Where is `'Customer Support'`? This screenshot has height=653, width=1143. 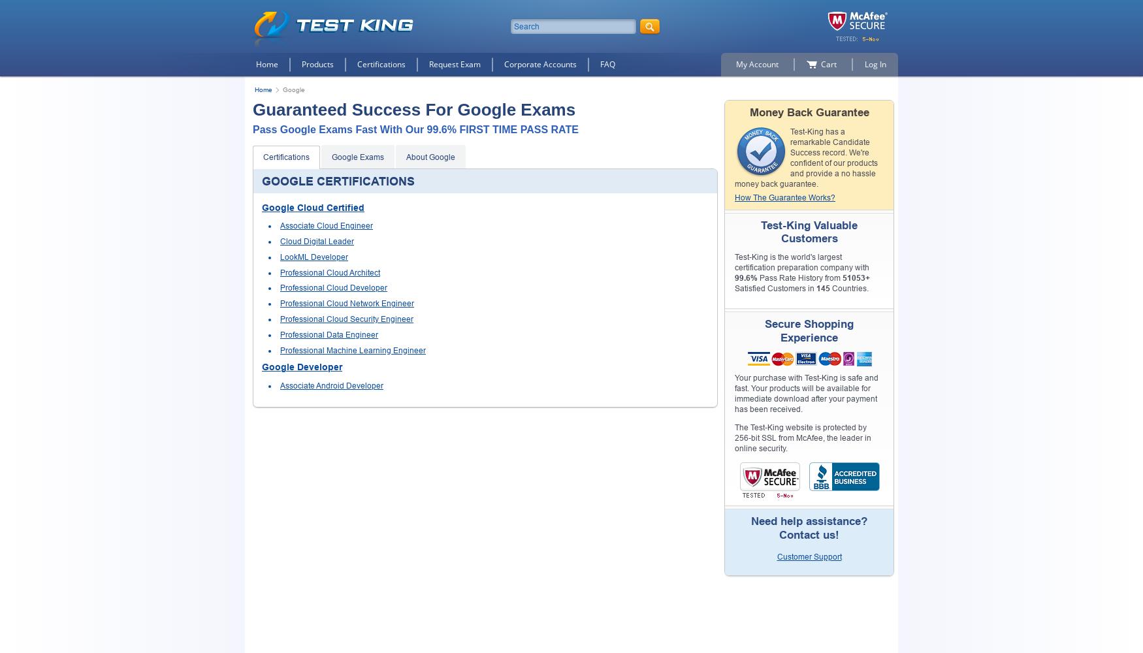 'Customer Support' is located at coordinates (809, 556).